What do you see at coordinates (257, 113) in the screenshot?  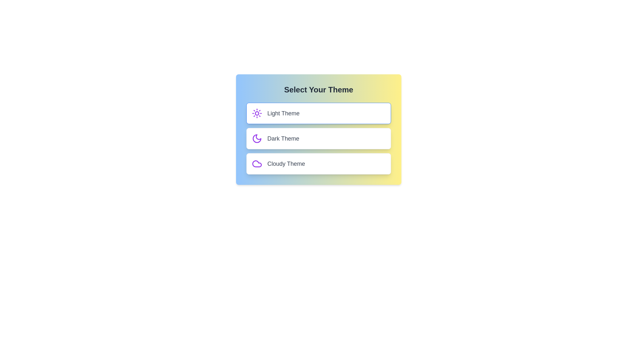 I see `the purple sun icon representing the 'Light Theme', which is located to the left of the 'Light Theme' label in the rounded rectangular box` at bounding box center [257, 113].